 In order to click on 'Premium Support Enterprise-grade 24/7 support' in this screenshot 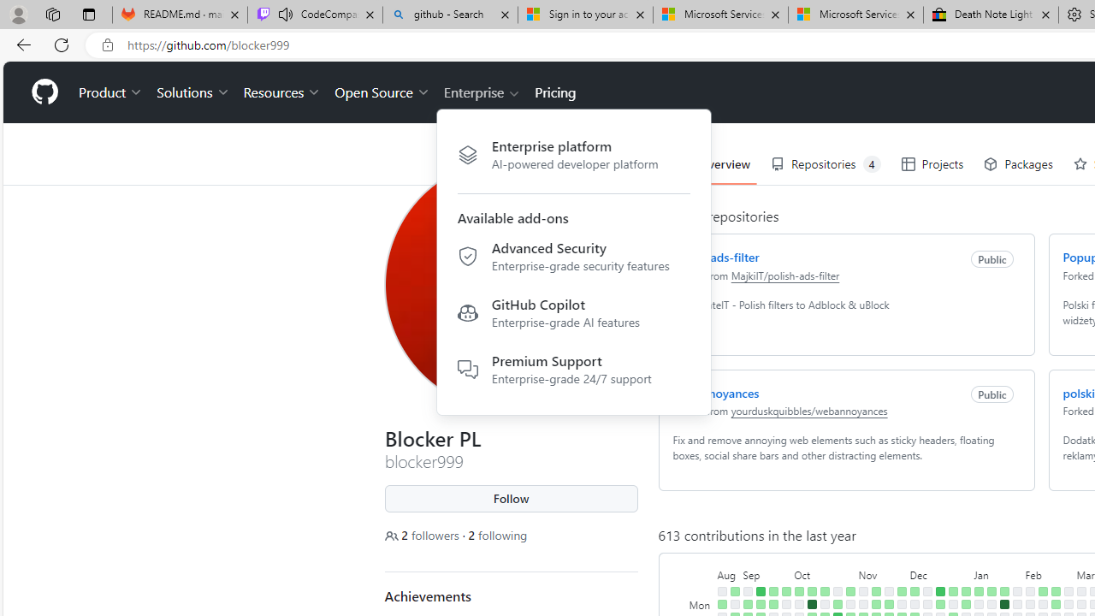, I will do `click(573, 368)`.